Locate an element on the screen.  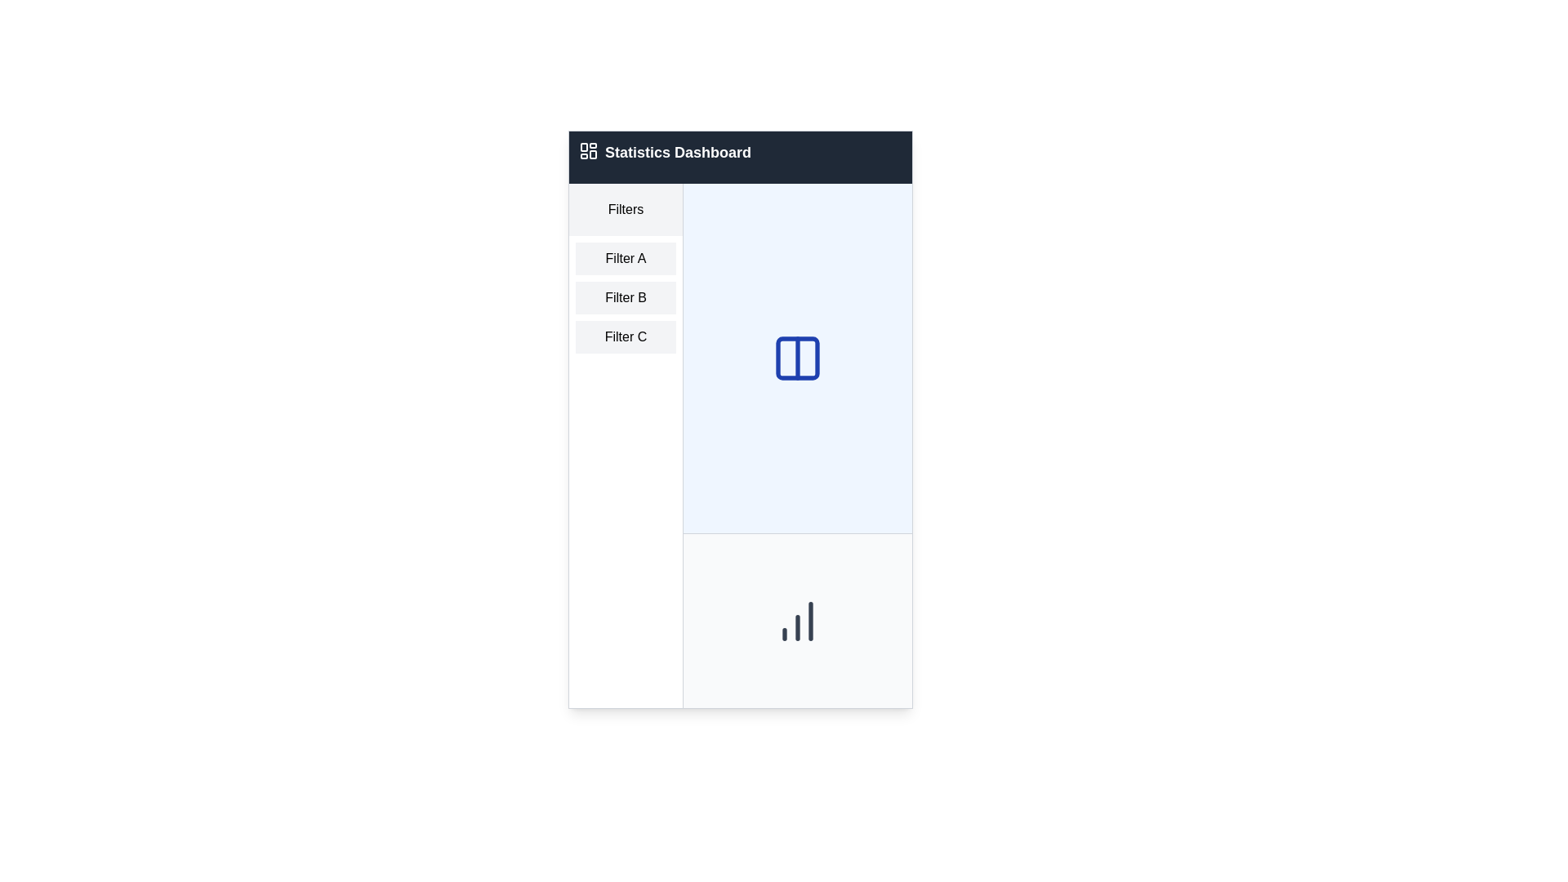
the 'Filter A' button, which is a light gray rectangular button with centered black text is located at coordinates (625, 257).